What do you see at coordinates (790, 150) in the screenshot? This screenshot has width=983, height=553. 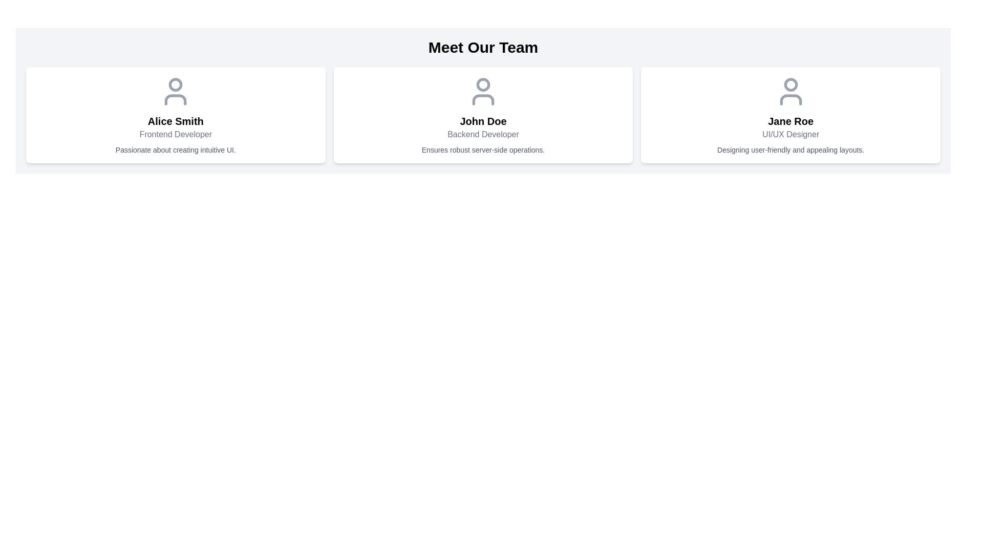 I see `the text label providing a brief description related to the user 'Jane Roe,' located beneath the job title 'UI/UX Designer' in the bottom section of the rightmost user card` at bounding box center [790, 150].